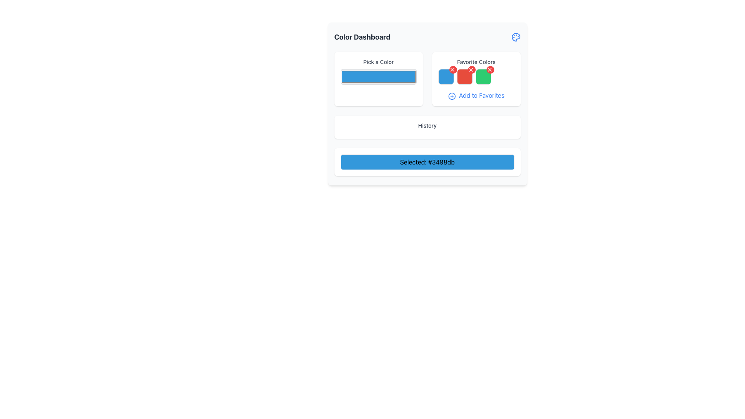  I want to click on the decorative or informative icon in the top-right corner of the 'Color Dashboard' interface, positioned next to the 'Color Dashboard' title text, so click(516, 37).